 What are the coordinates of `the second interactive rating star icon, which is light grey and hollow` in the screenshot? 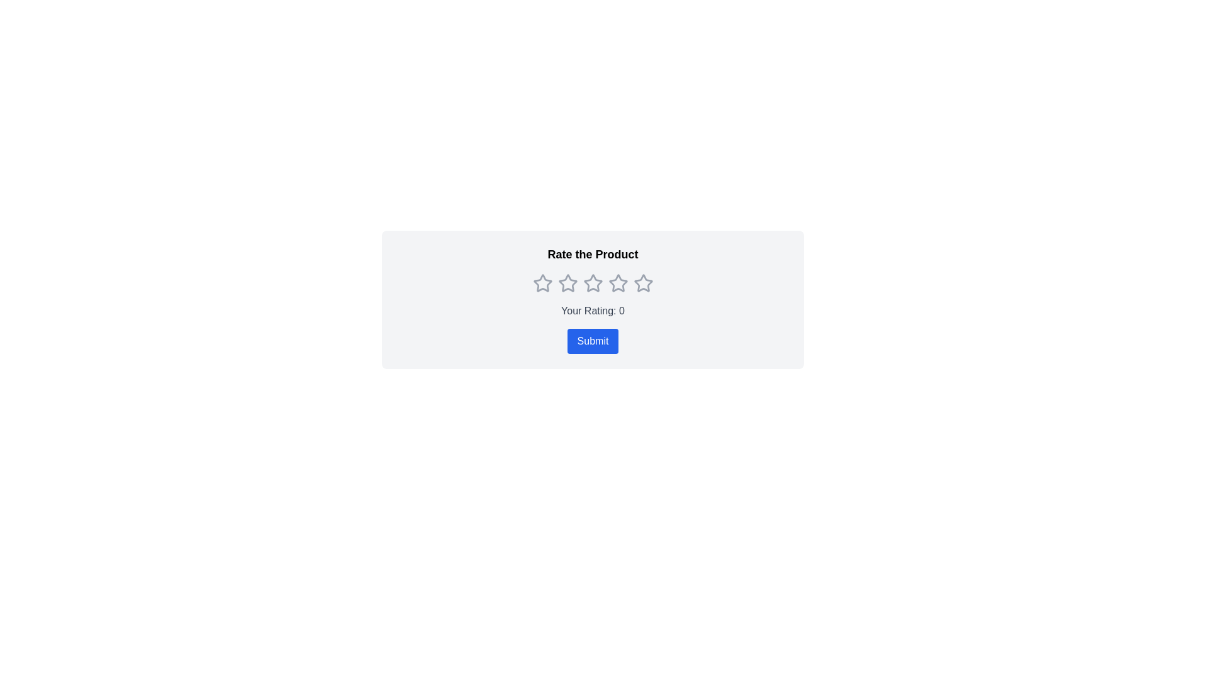 It's located at (591, 283).